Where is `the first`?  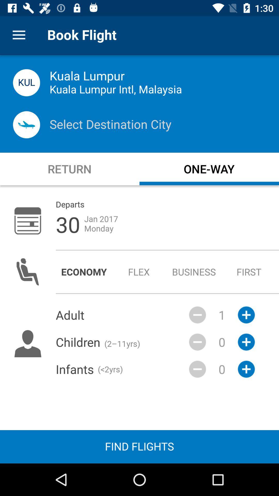
the first is located at coordinates (249, 272).